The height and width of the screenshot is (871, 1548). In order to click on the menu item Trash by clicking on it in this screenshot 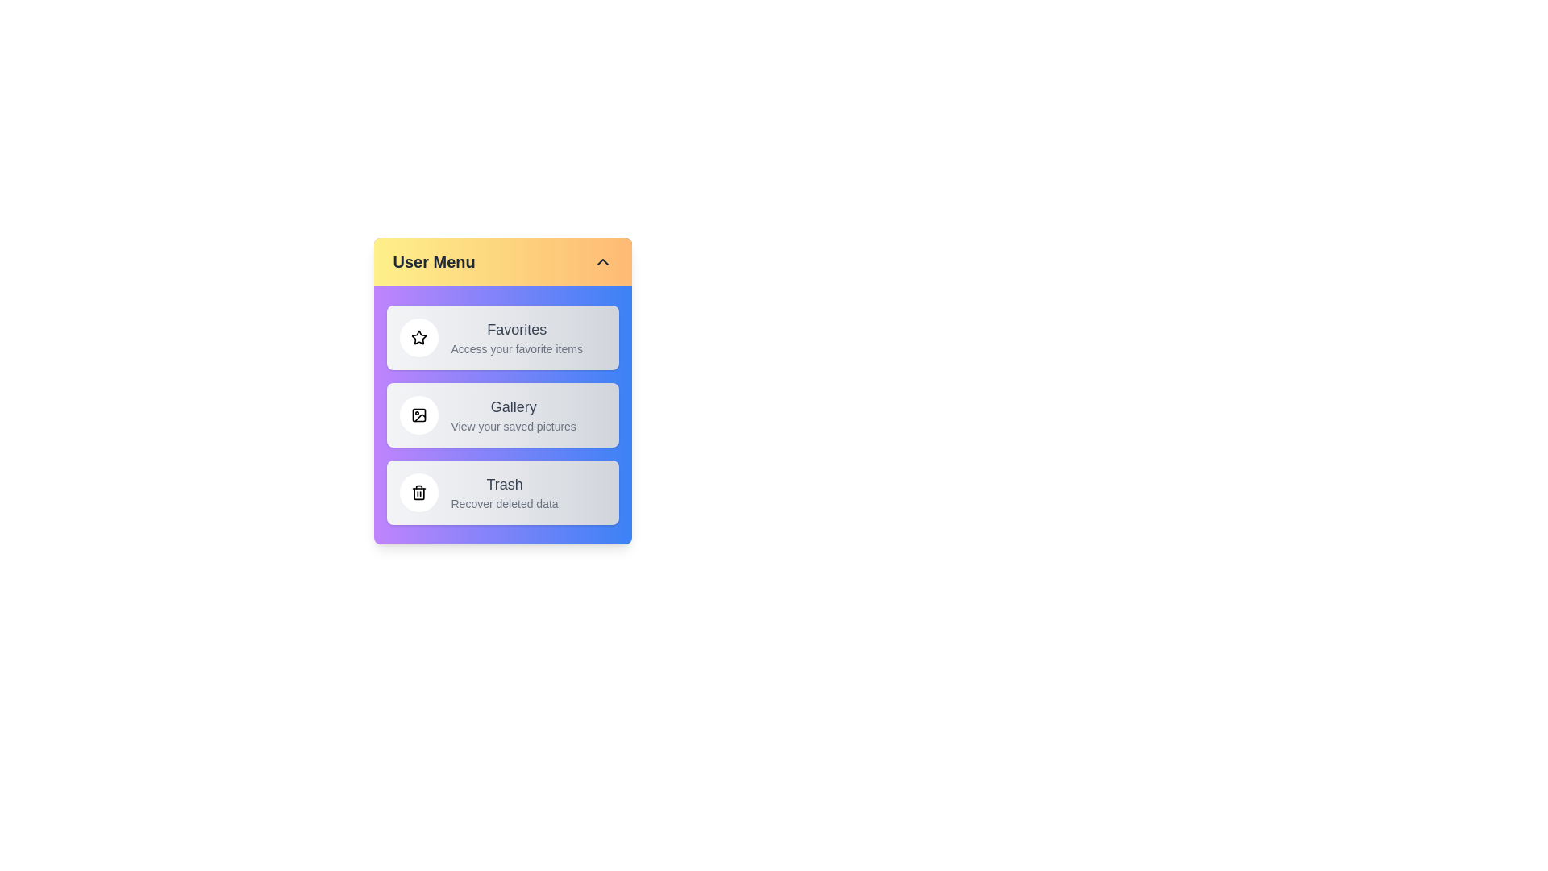, I will do `click(501, 491)`.